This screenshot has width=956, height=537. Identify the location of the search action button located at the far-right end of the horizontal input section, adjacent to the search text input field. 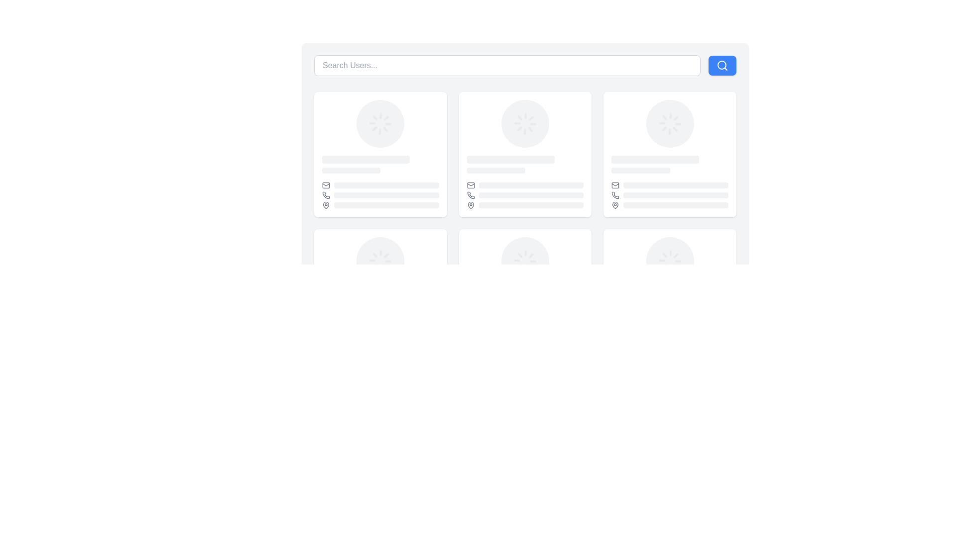
(722, 65).